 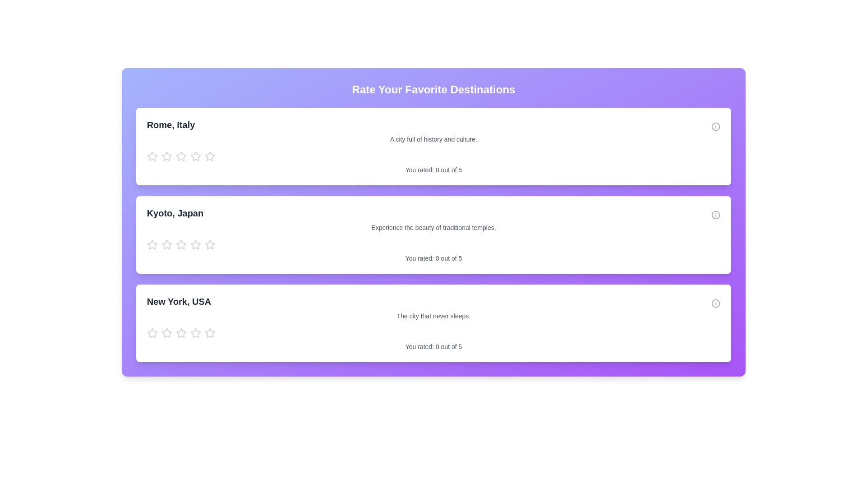 I want to click on the second rating star icon in the rating system for the 'Rome, Italy' section to trigger a rating action, so click(x=180, y=156).